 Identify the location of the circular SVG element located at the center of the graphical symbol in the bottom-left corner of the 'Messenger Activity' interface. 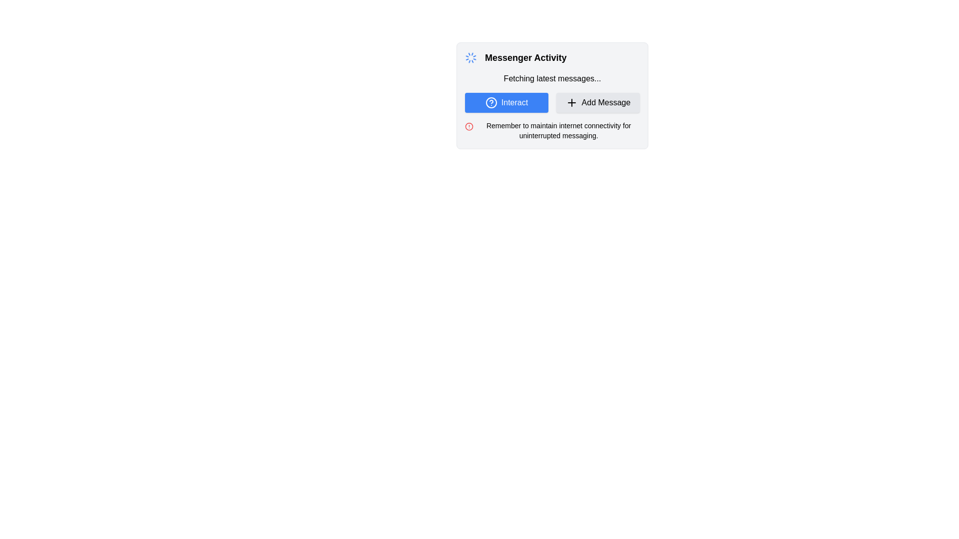
(469, 126).